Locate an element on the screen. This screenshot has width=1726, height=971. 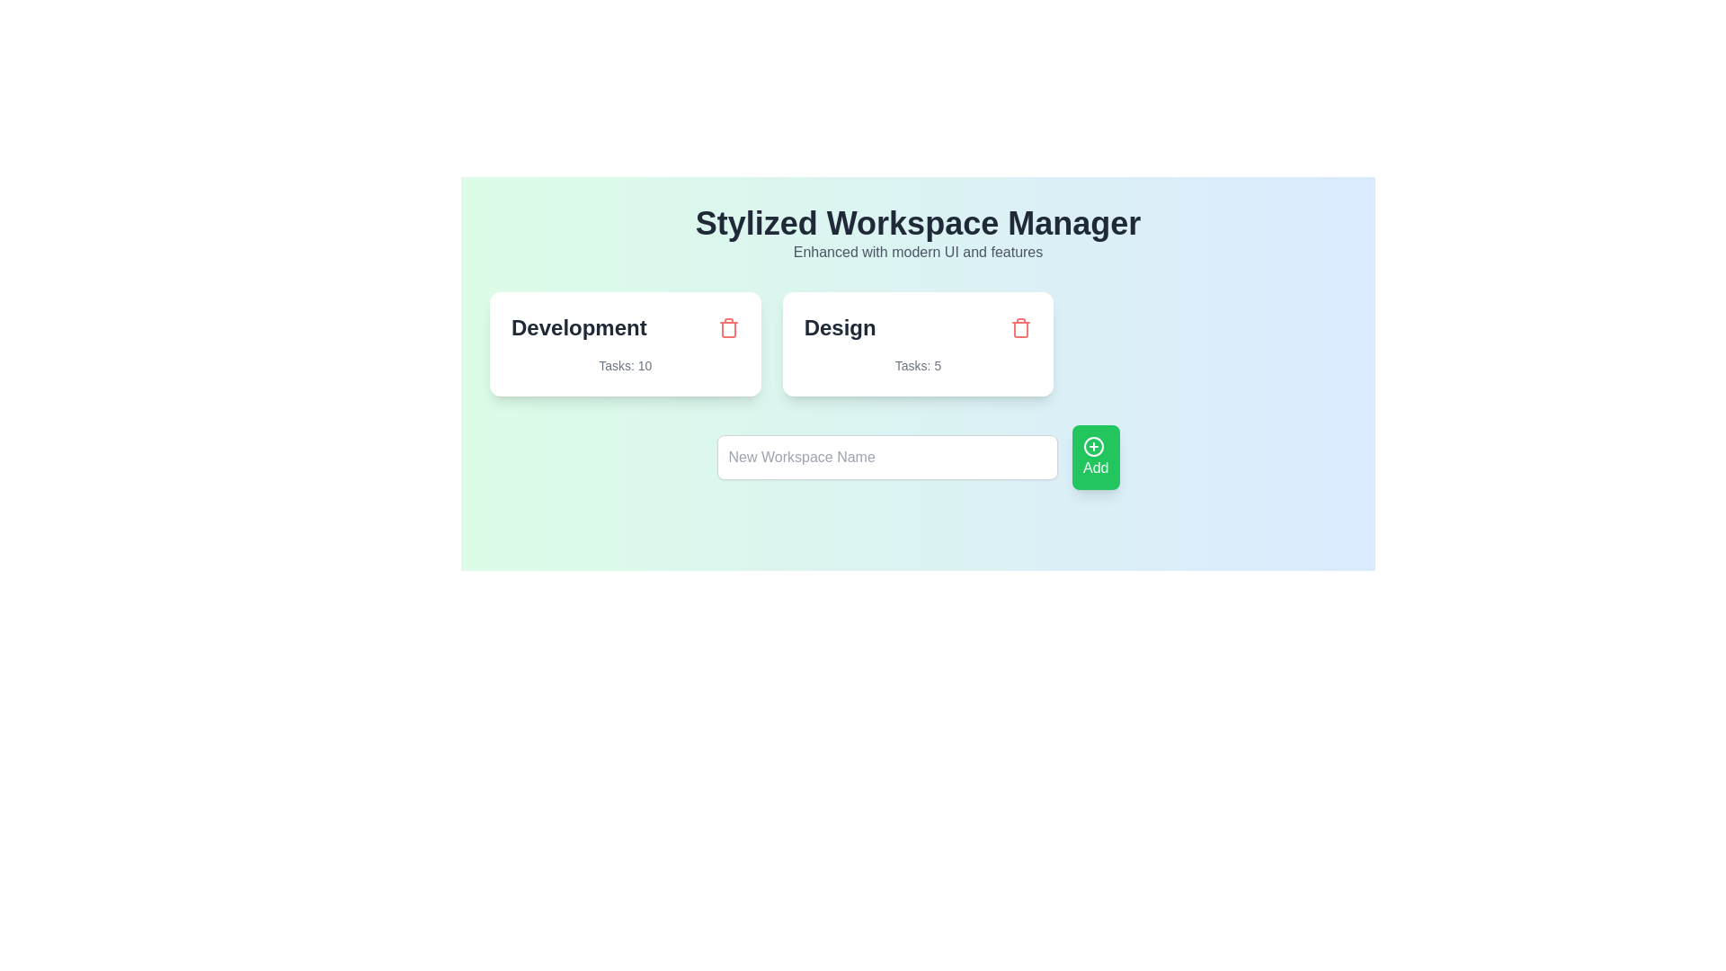
the 'Development' section title label located above the text 'Tasks: 10' in the left card of a two-card layout is located at coordinates (579, 328).